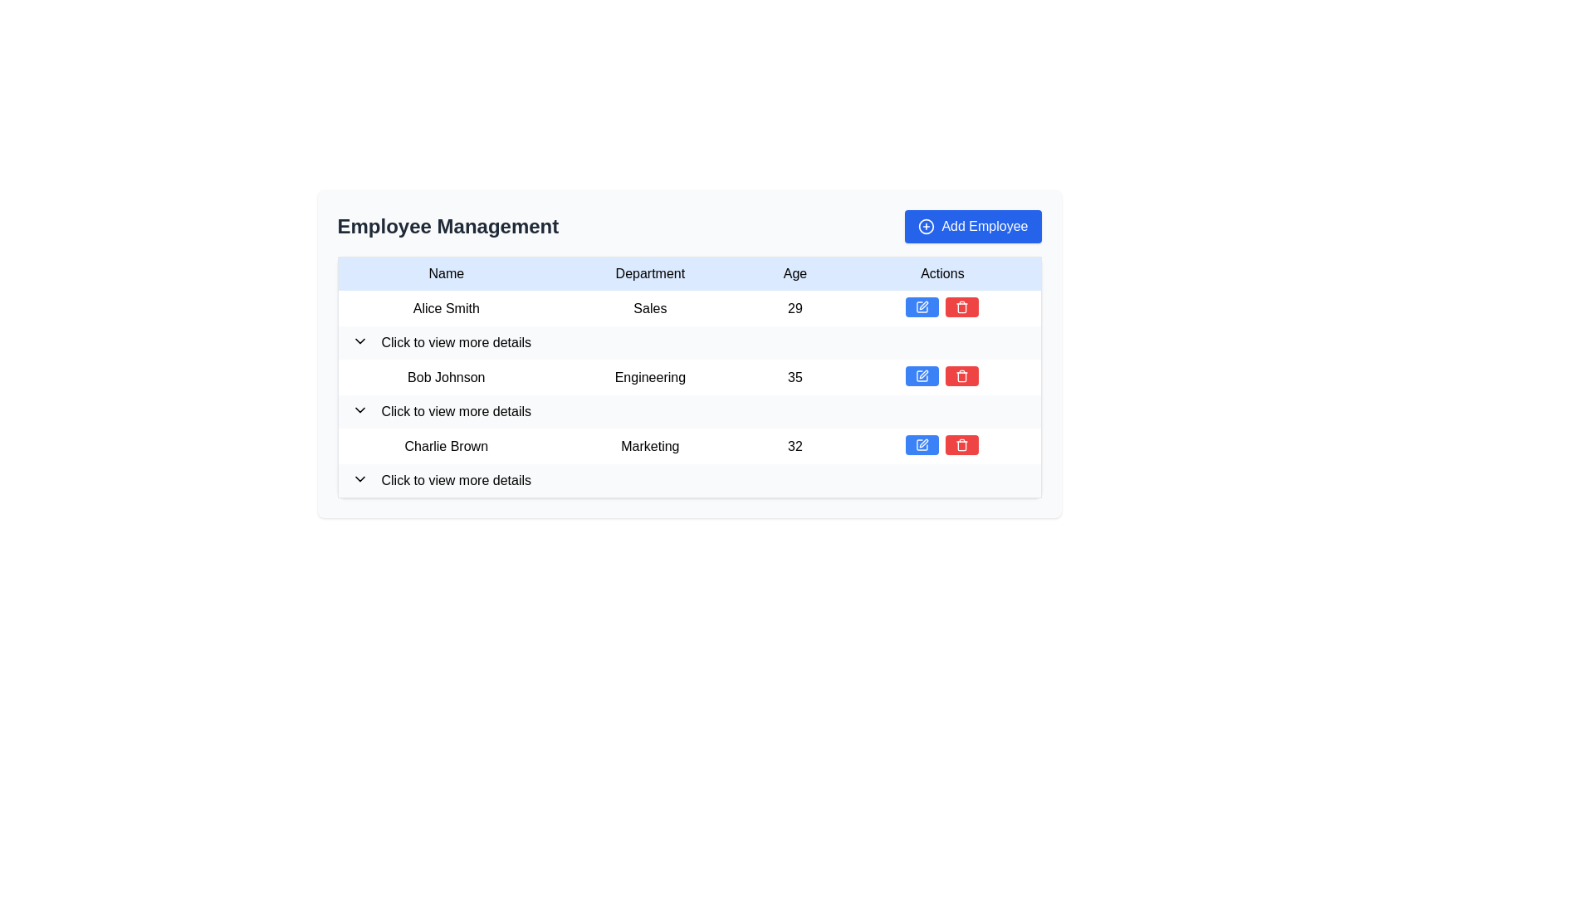  What do you see at coordinates (649, 445) in the screenshot?
I see `the 'Marketing' text element associated with the user 'Charlie Brown' in the 'Department' column, which is the second cell in that row` at bounding box center [649, 445].